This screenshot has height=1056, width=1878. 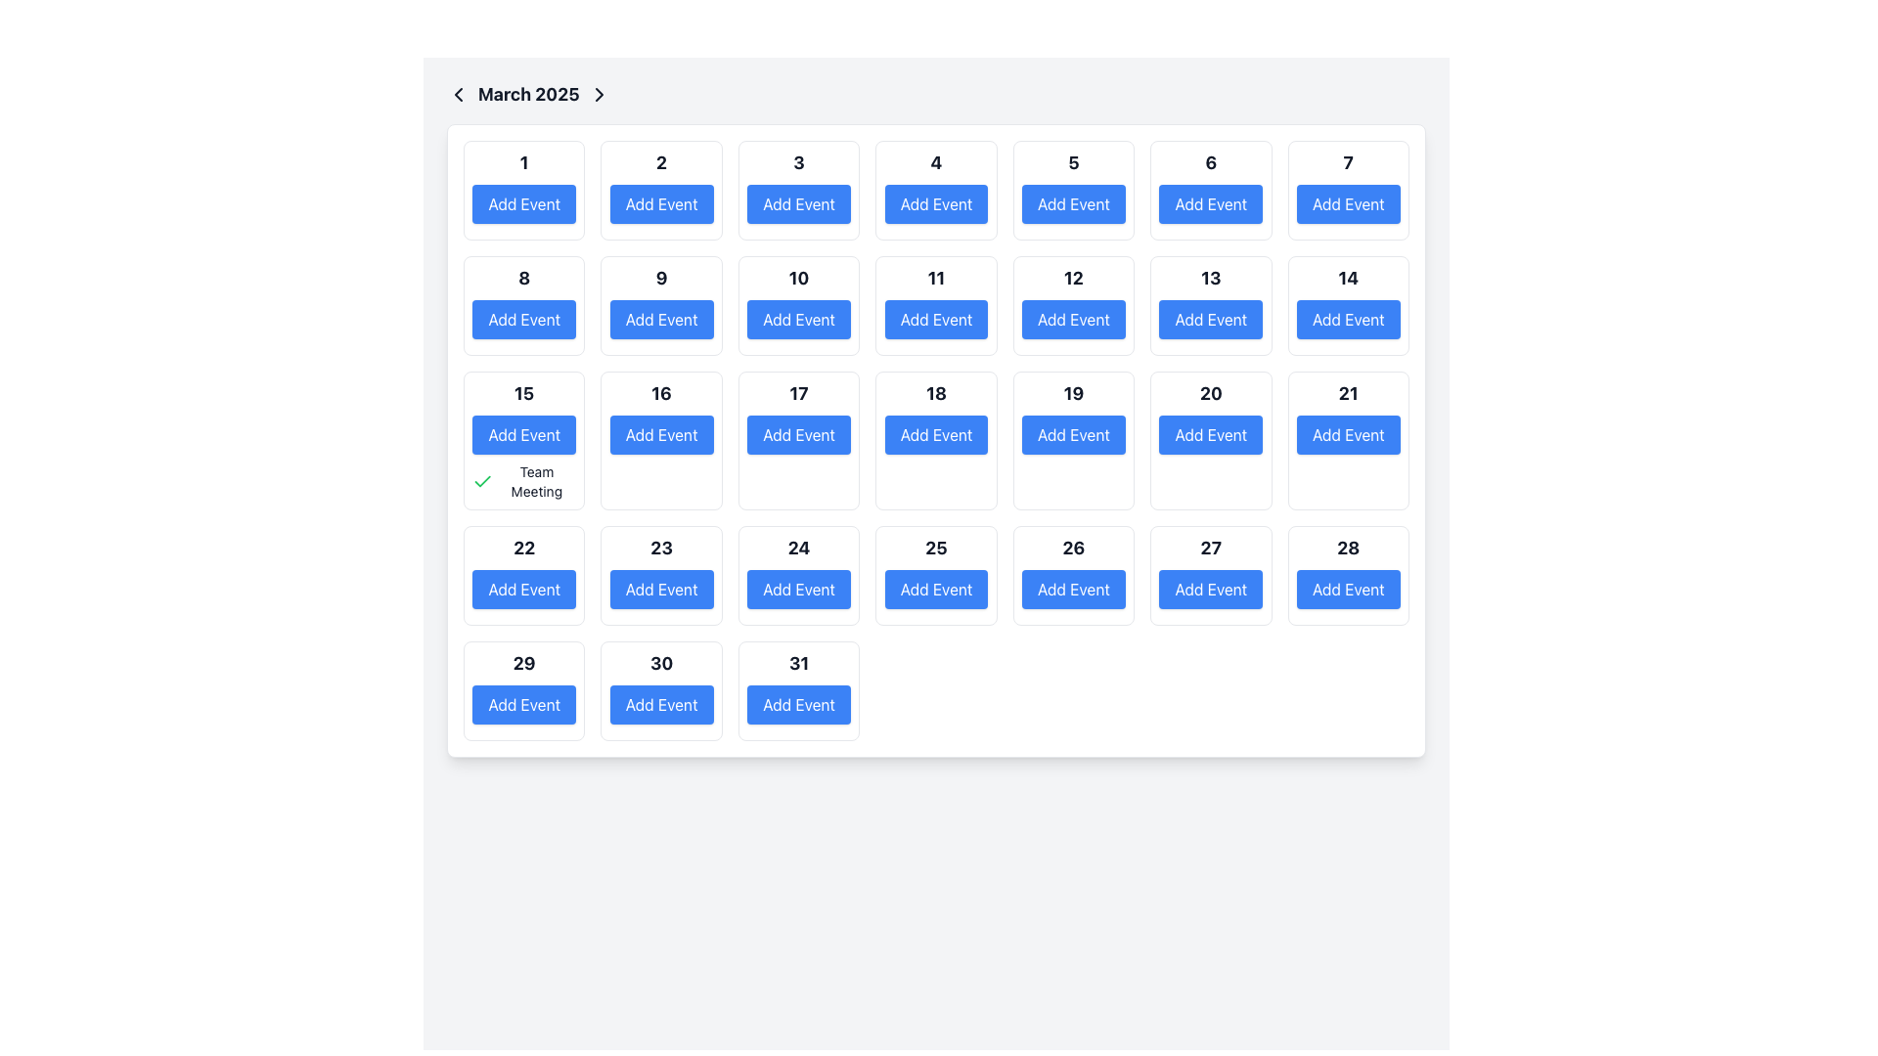 I want to click on the 'Add Event' button located in the bottom-right corner of the calendar grid, specifically in the cell containing the number '31', so click(x=799, y=689).